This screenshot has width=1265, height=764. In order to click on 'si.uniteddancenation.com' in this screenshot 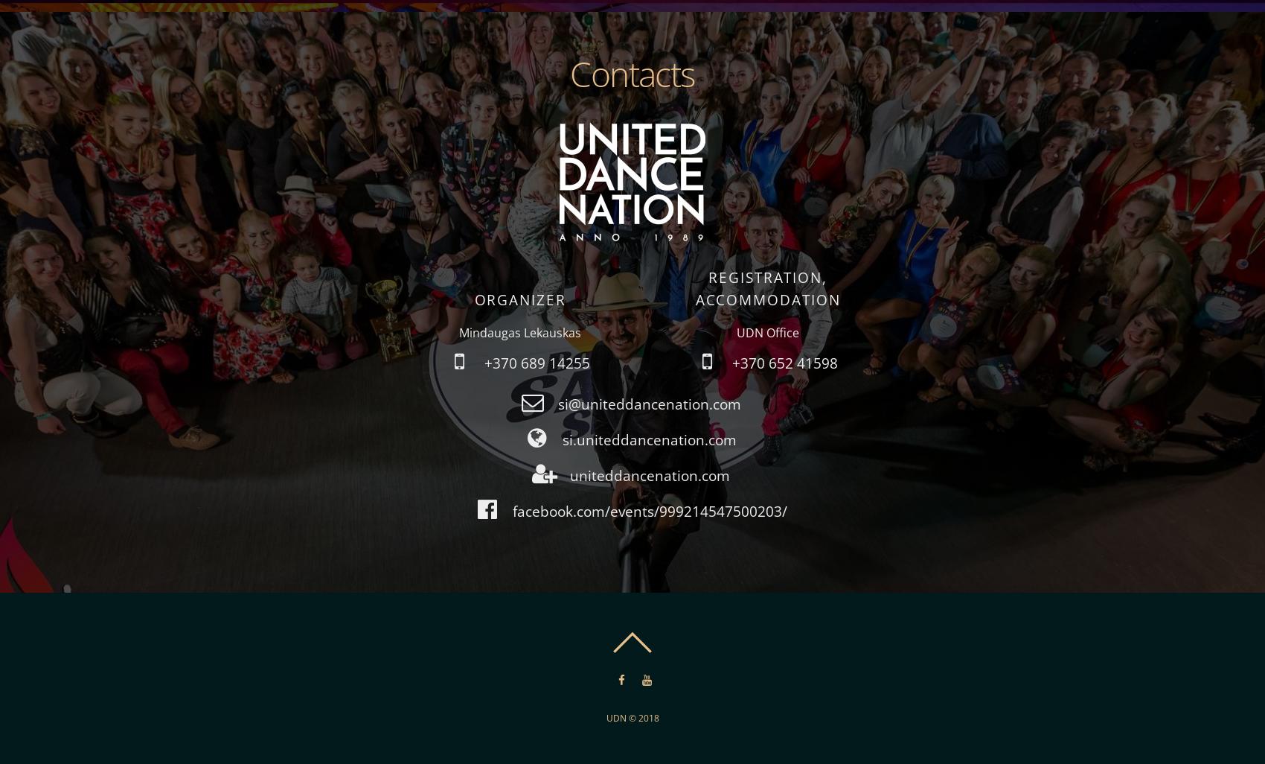, I will do `click(649, 438)`.